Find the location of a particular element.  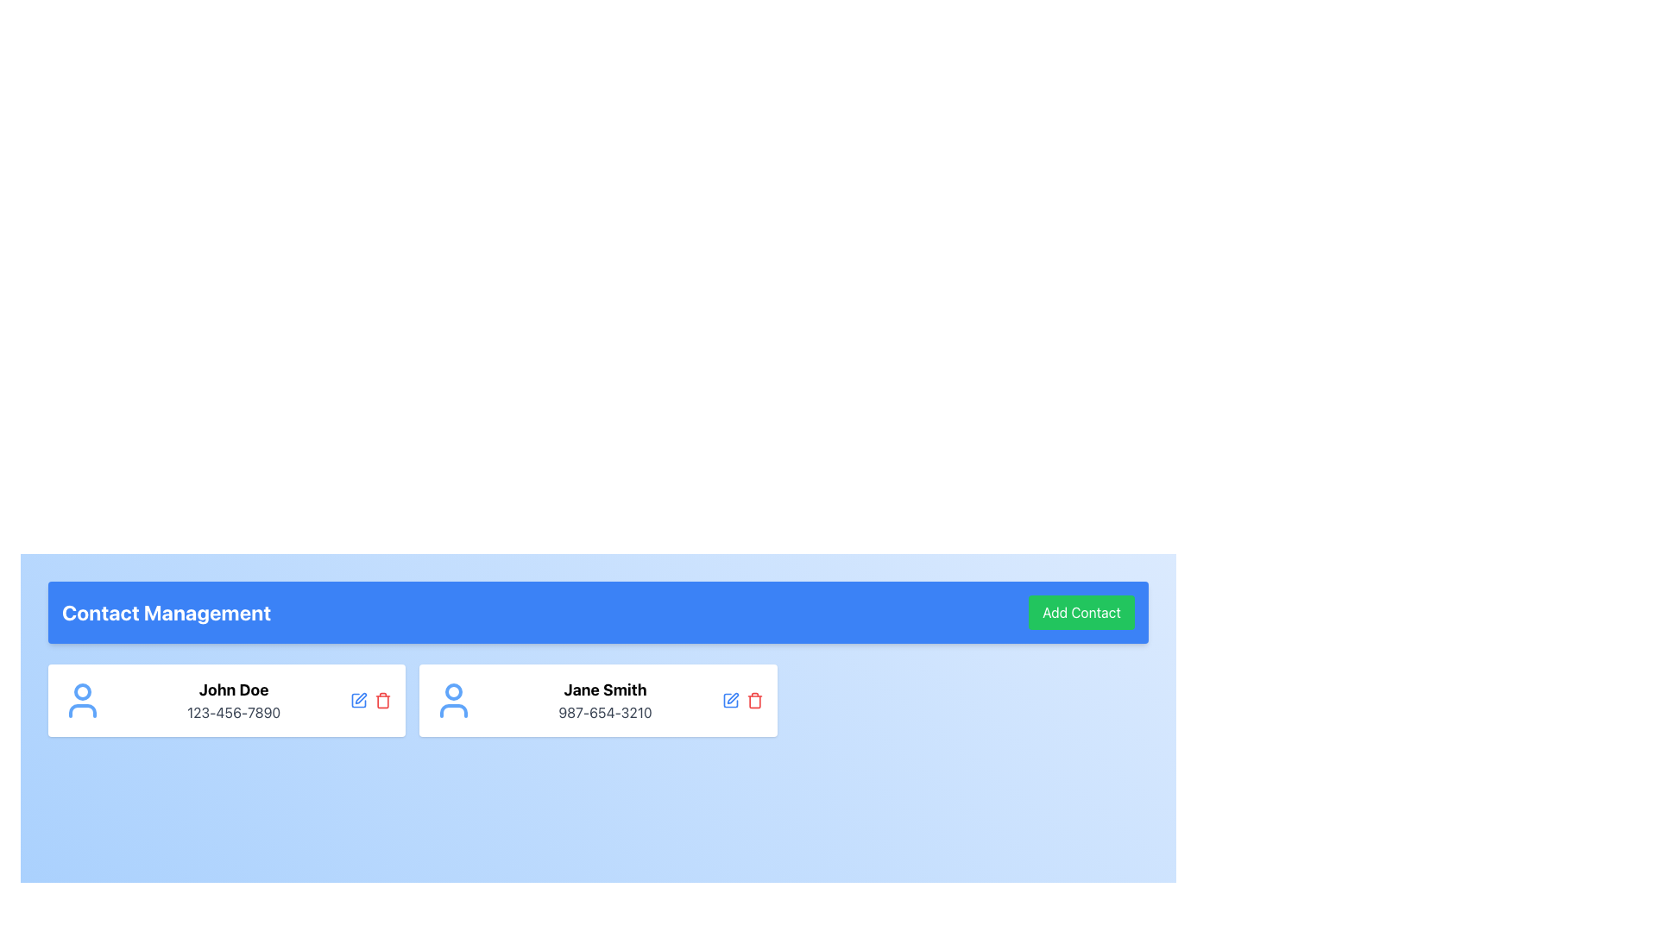

the SVG Circle with a blue border located in the upper-left corner of the card showcasing contact information for 'John Doe' is located at coordinates (82, 691).